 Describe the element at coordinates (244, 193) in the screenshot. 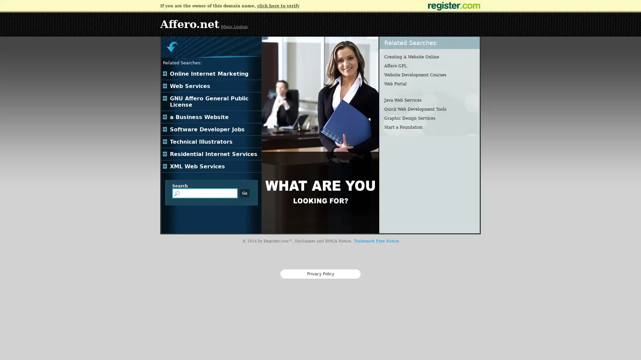

I see `Go` at that location.